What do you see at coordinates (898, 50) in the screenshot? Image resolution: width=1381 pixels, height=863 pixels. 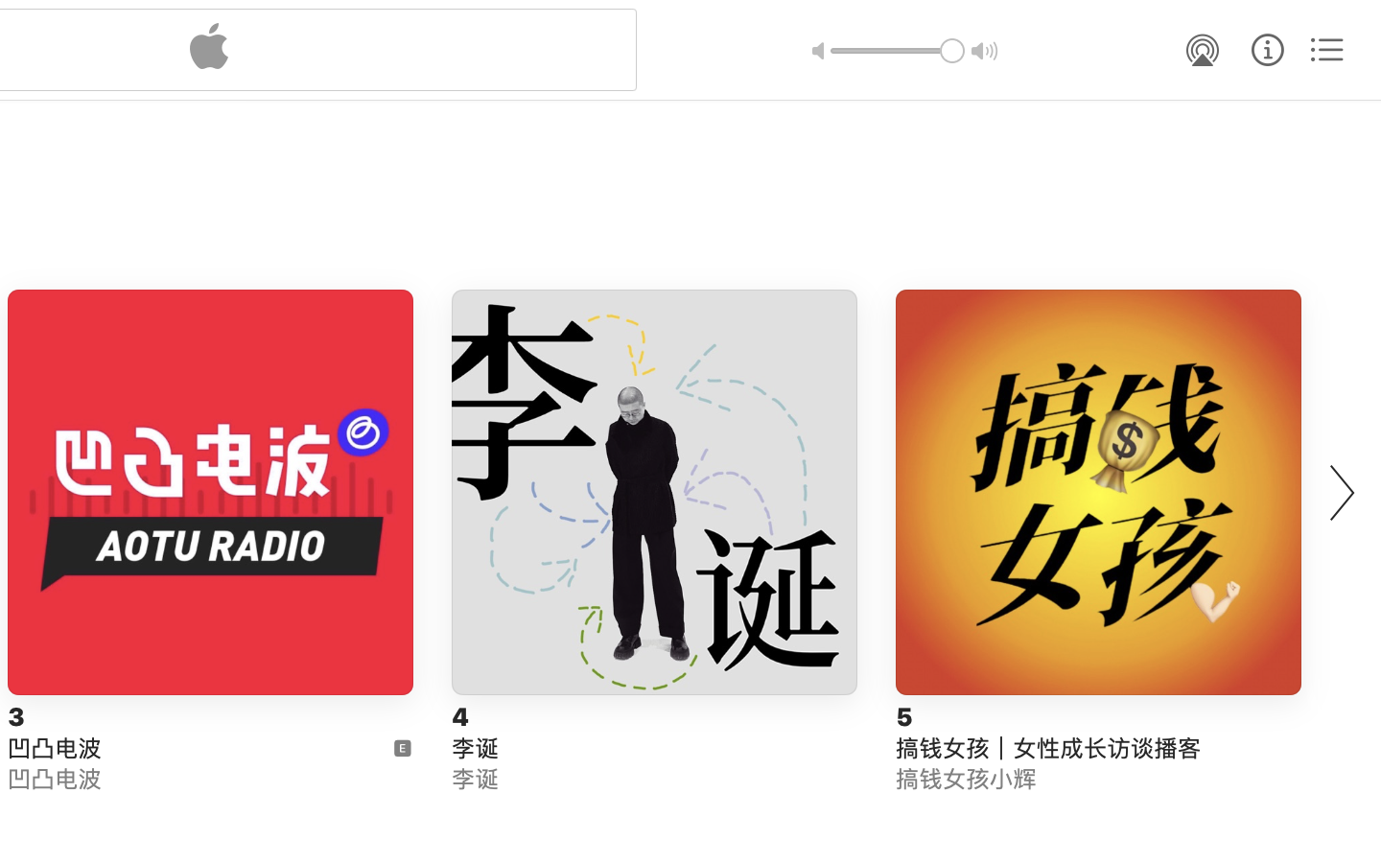 I see `'1.0'` at bounding box center [898, 50].